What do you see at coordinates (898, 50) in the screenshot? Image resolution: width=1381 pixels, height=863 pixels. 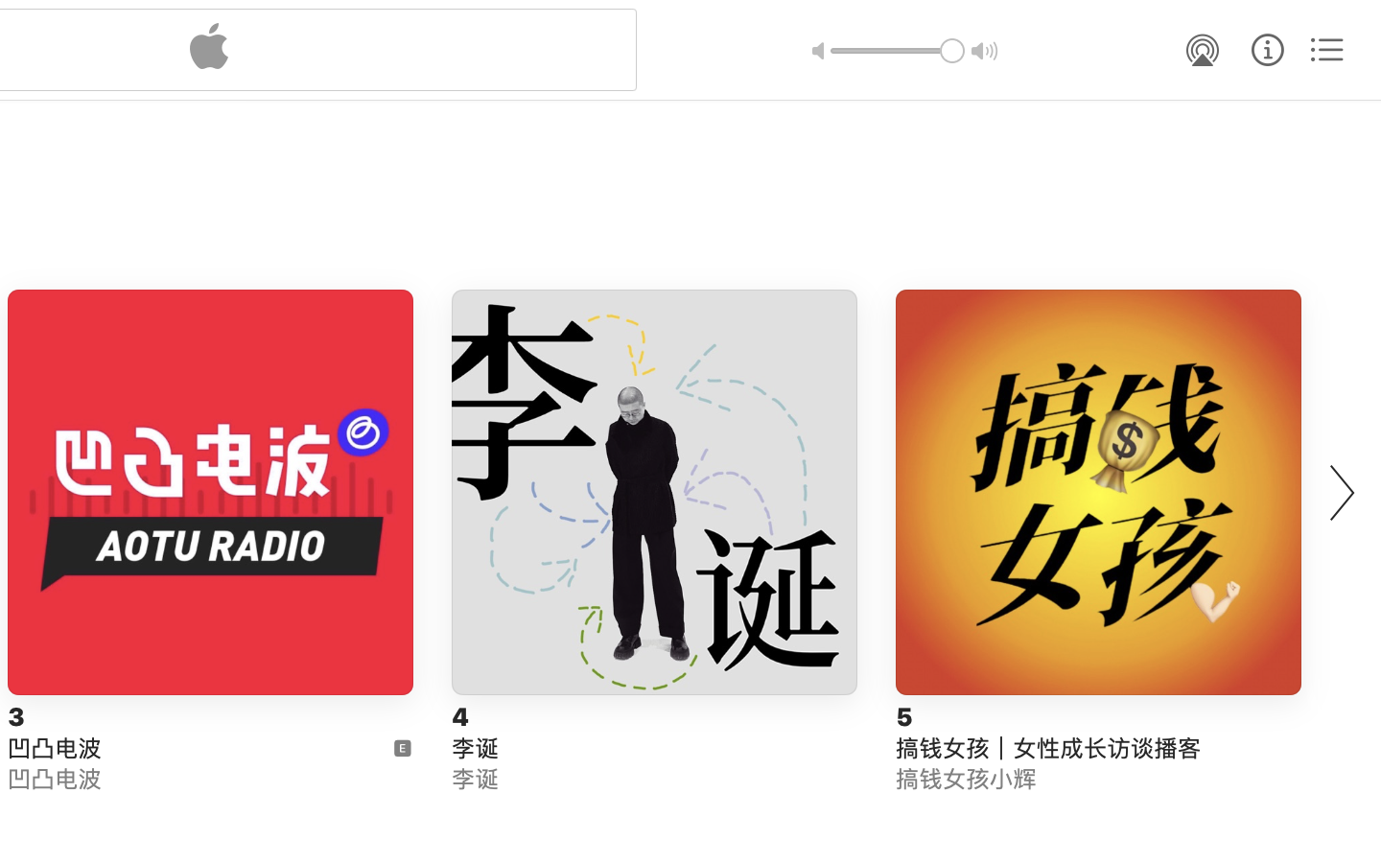 I see `'1.0'` at bounding box center [898, 50].